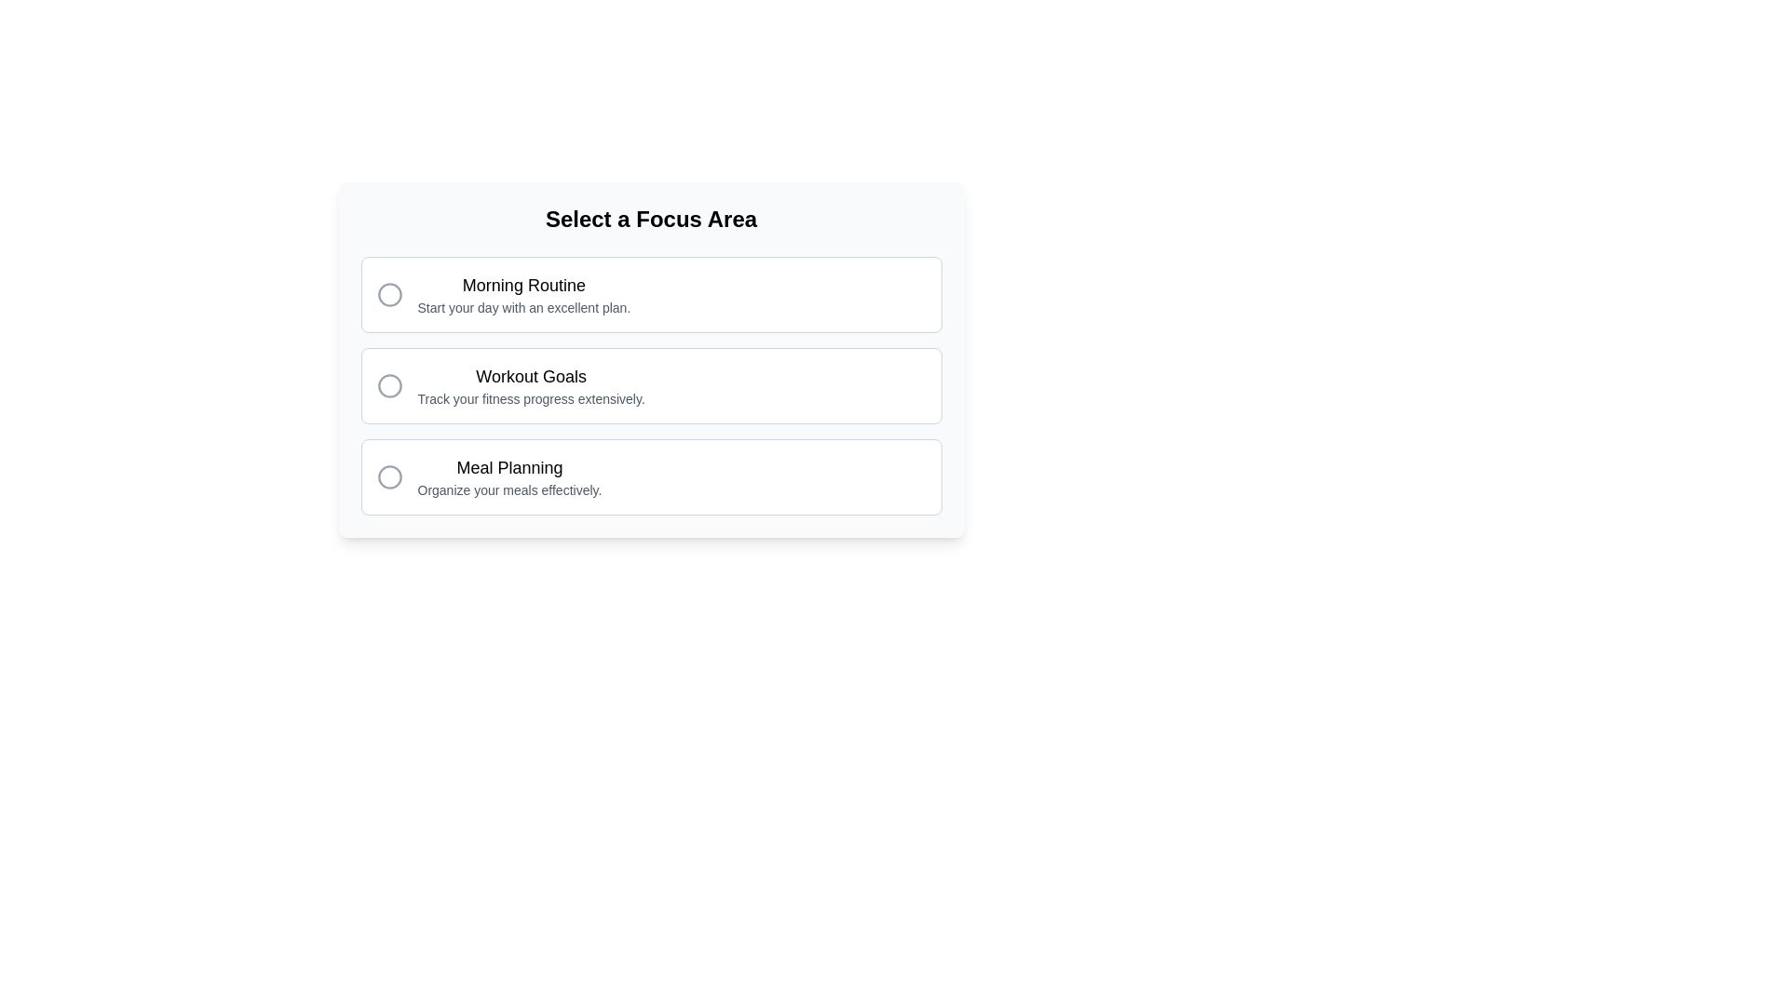  I want to click on descriptive text label that says 'Track your fitness progress extensively.' located below the heading 'Workout Goals' in the second list item of the 'Select a Focus Area' section, so click(530, 397).